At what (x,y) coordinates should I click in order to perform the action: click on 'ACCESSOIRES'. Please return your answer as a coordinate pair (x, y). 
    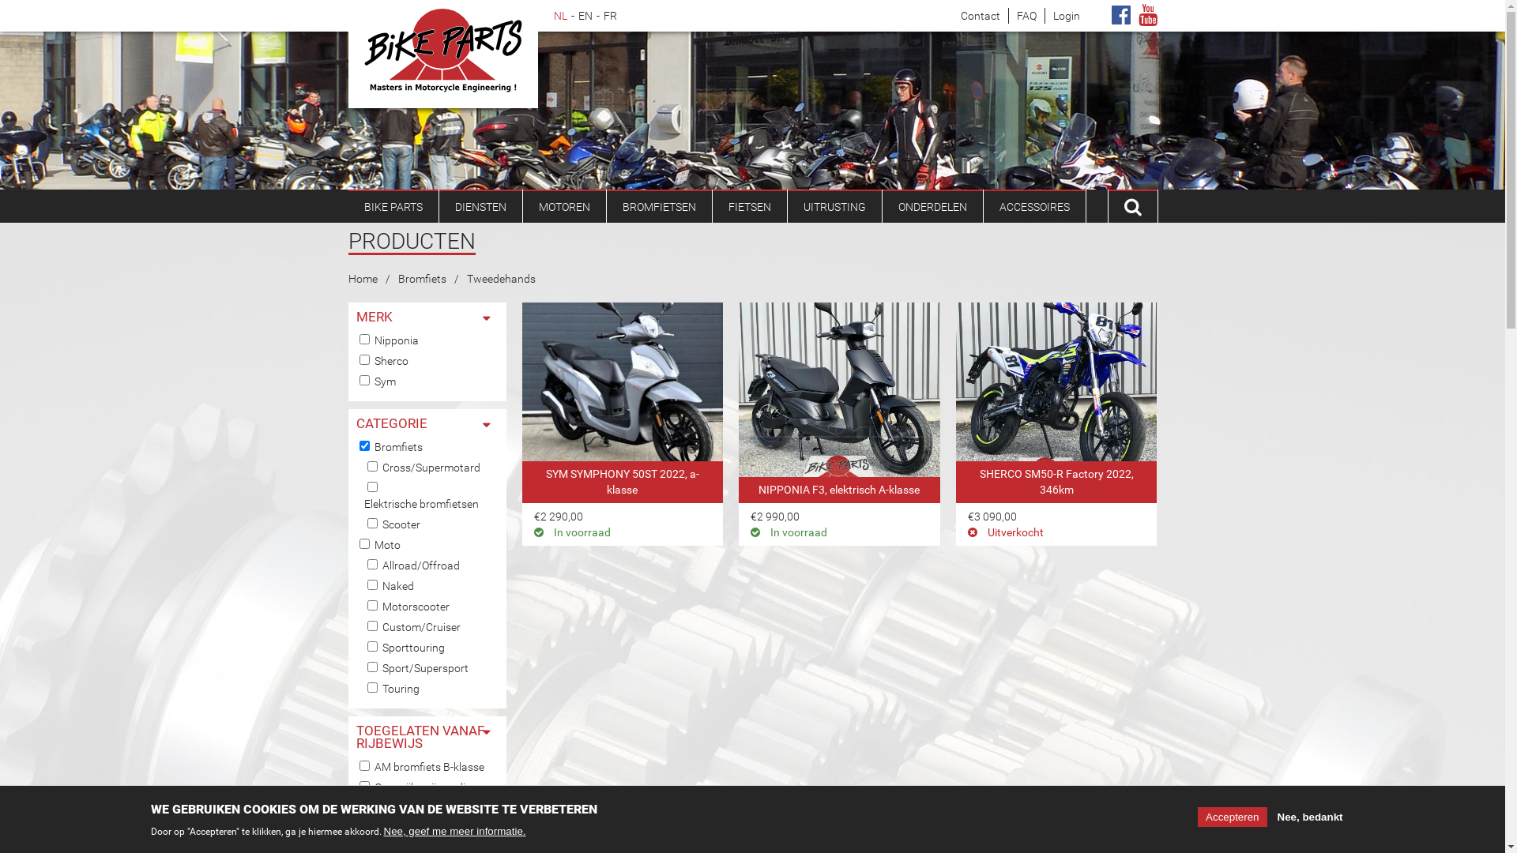
    Looking at the image, I should click on (1033, 205).